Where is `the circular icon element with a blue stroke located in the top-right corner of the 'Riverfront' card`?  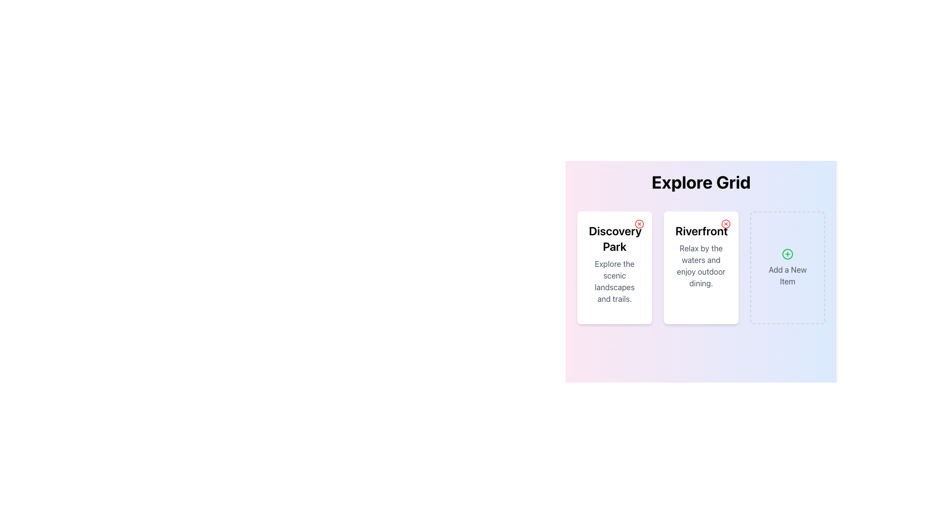
the circular icon element with a blue stroke located in the top-right corner of the 'Riverfront' card is located at coordinates (726, 224).